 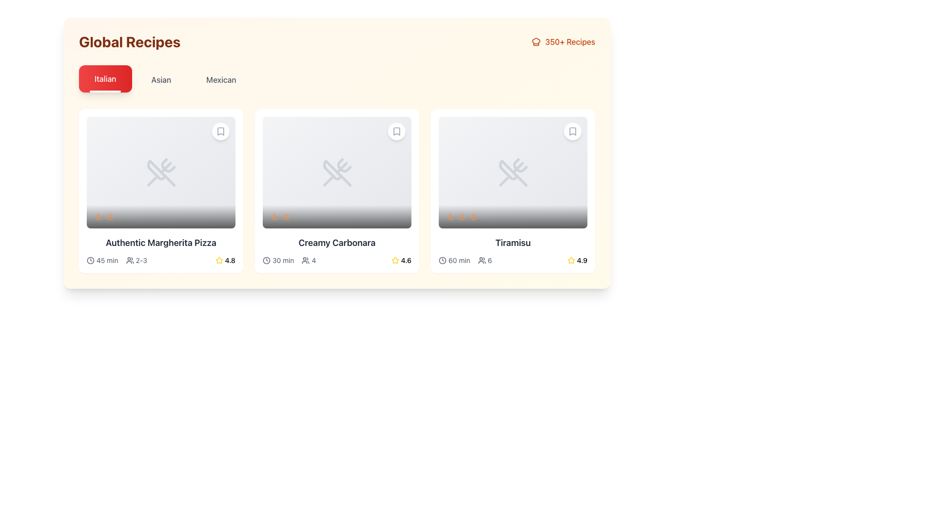 What do you see at coordinates (512, 172) in the screenshot?
I see `the SVG Icon located centrally within the thumbnail card for the 'Tiramisu' recipe, which serves as a decorative element` at bounding box center [512, 172].